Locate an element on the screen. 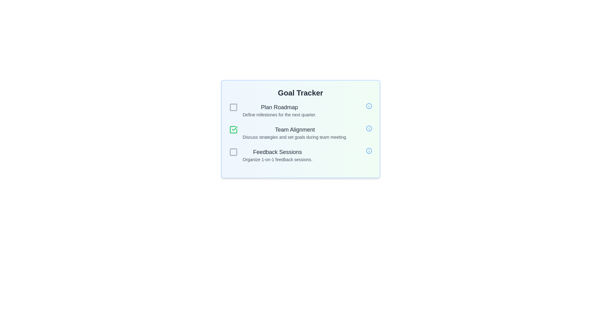  the checked checkbox styled as a square with rounded corners and a green checkmark inside, located to the immediate left of the 'Team Alignment' text in the 'Goal Tracker' panel is located at coordinates (233, 129).